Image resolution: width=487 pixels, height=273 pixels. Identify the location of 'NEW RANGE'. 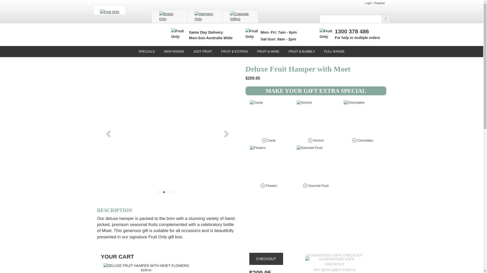
(159, 52).